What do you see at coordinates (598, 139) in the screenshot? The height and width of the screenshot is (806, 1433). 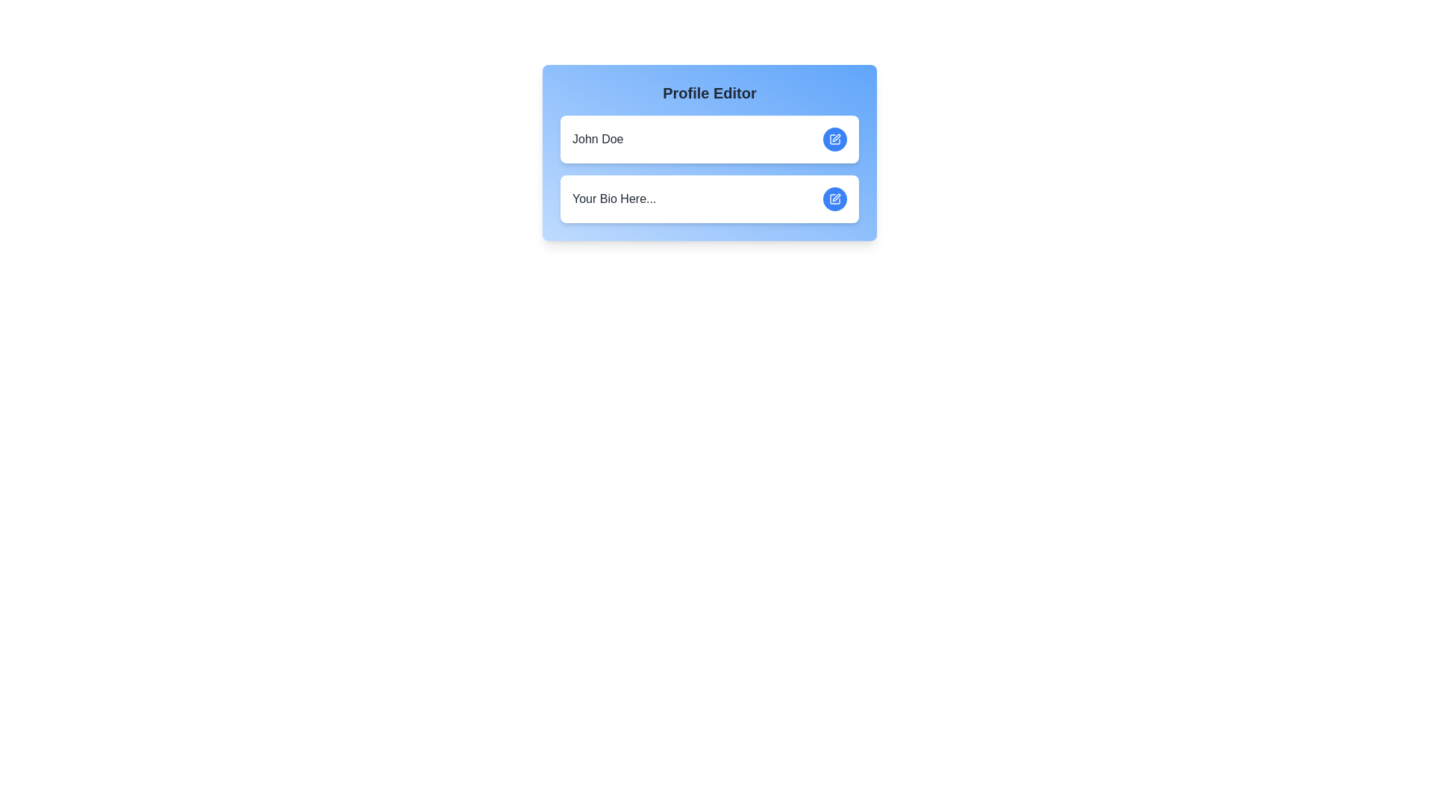 I see `the input field displaying the user's full name 'John Doe' to select the entire text` at bounding box center [598, 139].